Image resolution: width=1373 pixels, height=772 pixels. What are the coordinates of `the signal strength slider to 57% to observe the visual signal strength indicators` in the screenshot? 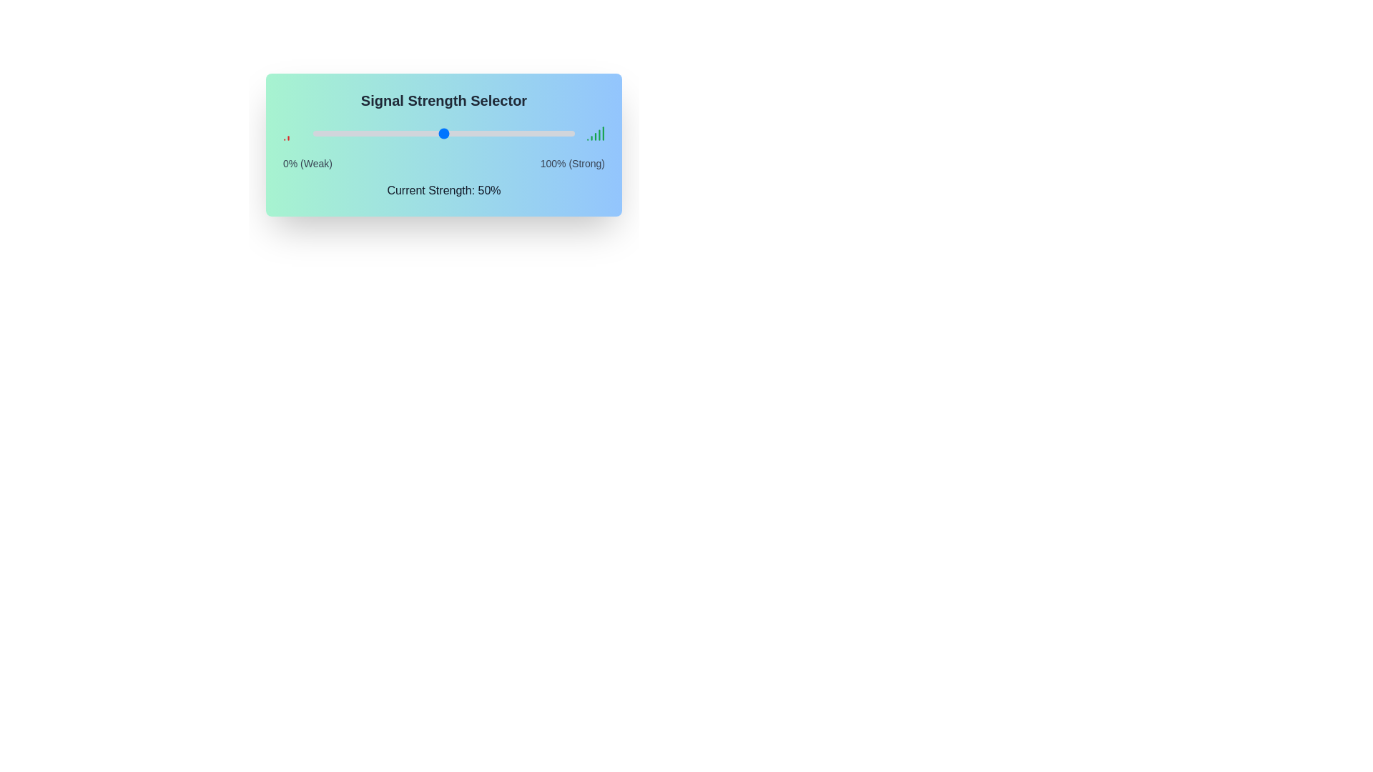 It's located at (462, 133).